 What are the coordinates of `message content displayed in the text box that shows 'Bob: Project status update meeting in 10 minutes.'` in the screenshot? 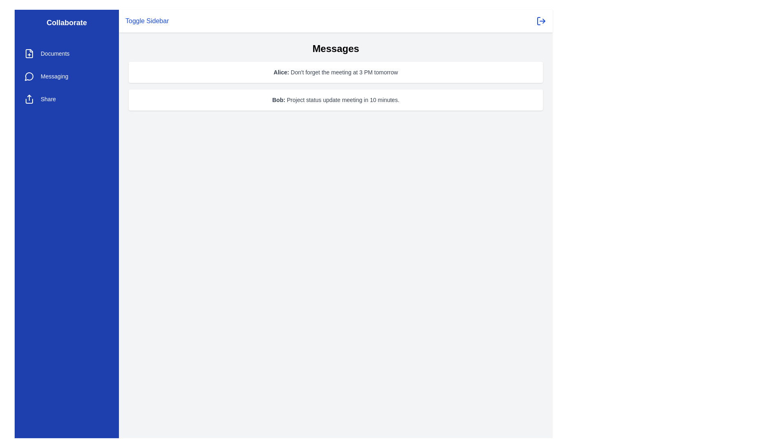 It's located at (336, 100).